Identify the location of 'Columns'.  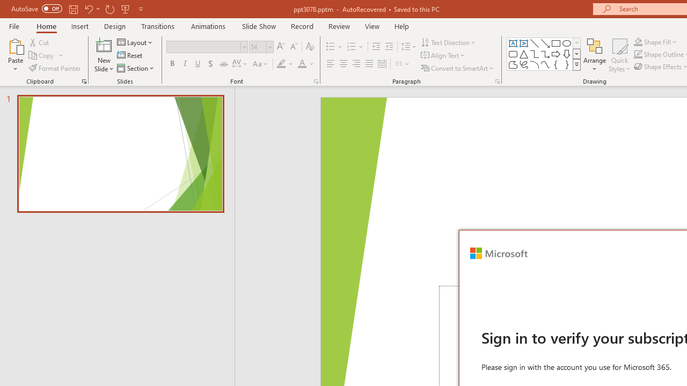
(402, 64).